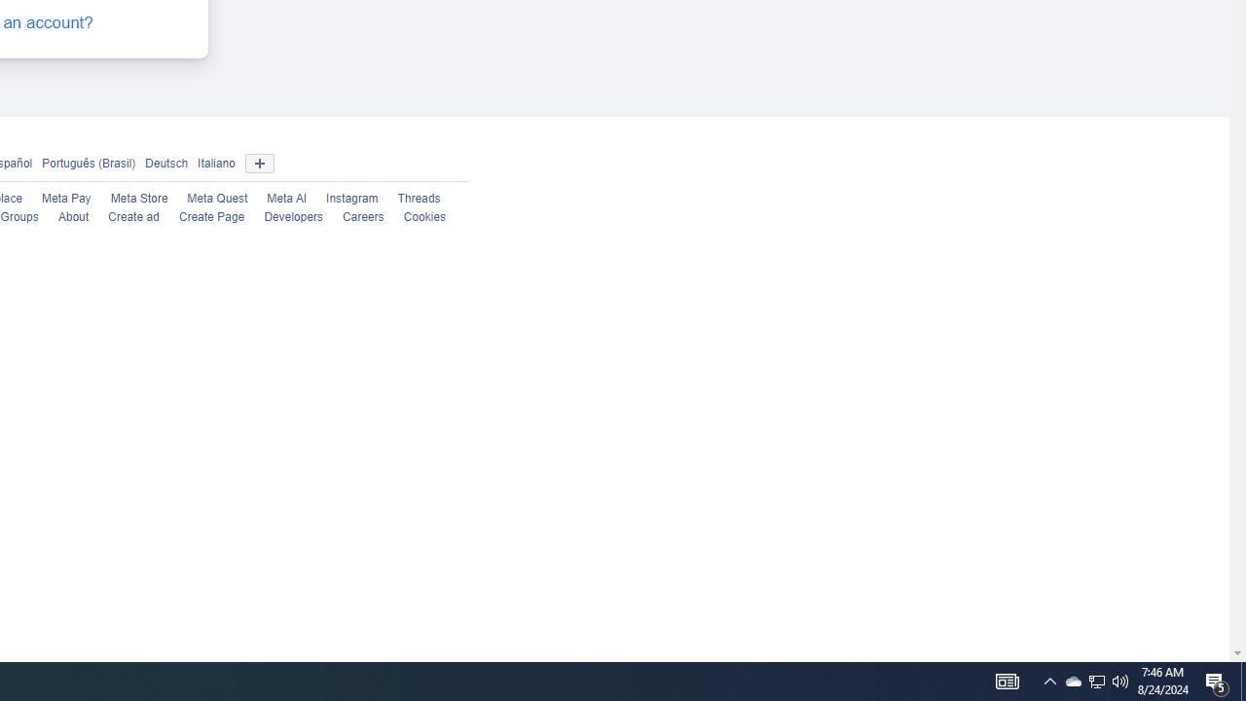 This screenshot has height=701, width=1246. I want to click on 'Create Page', so click(211, 217).